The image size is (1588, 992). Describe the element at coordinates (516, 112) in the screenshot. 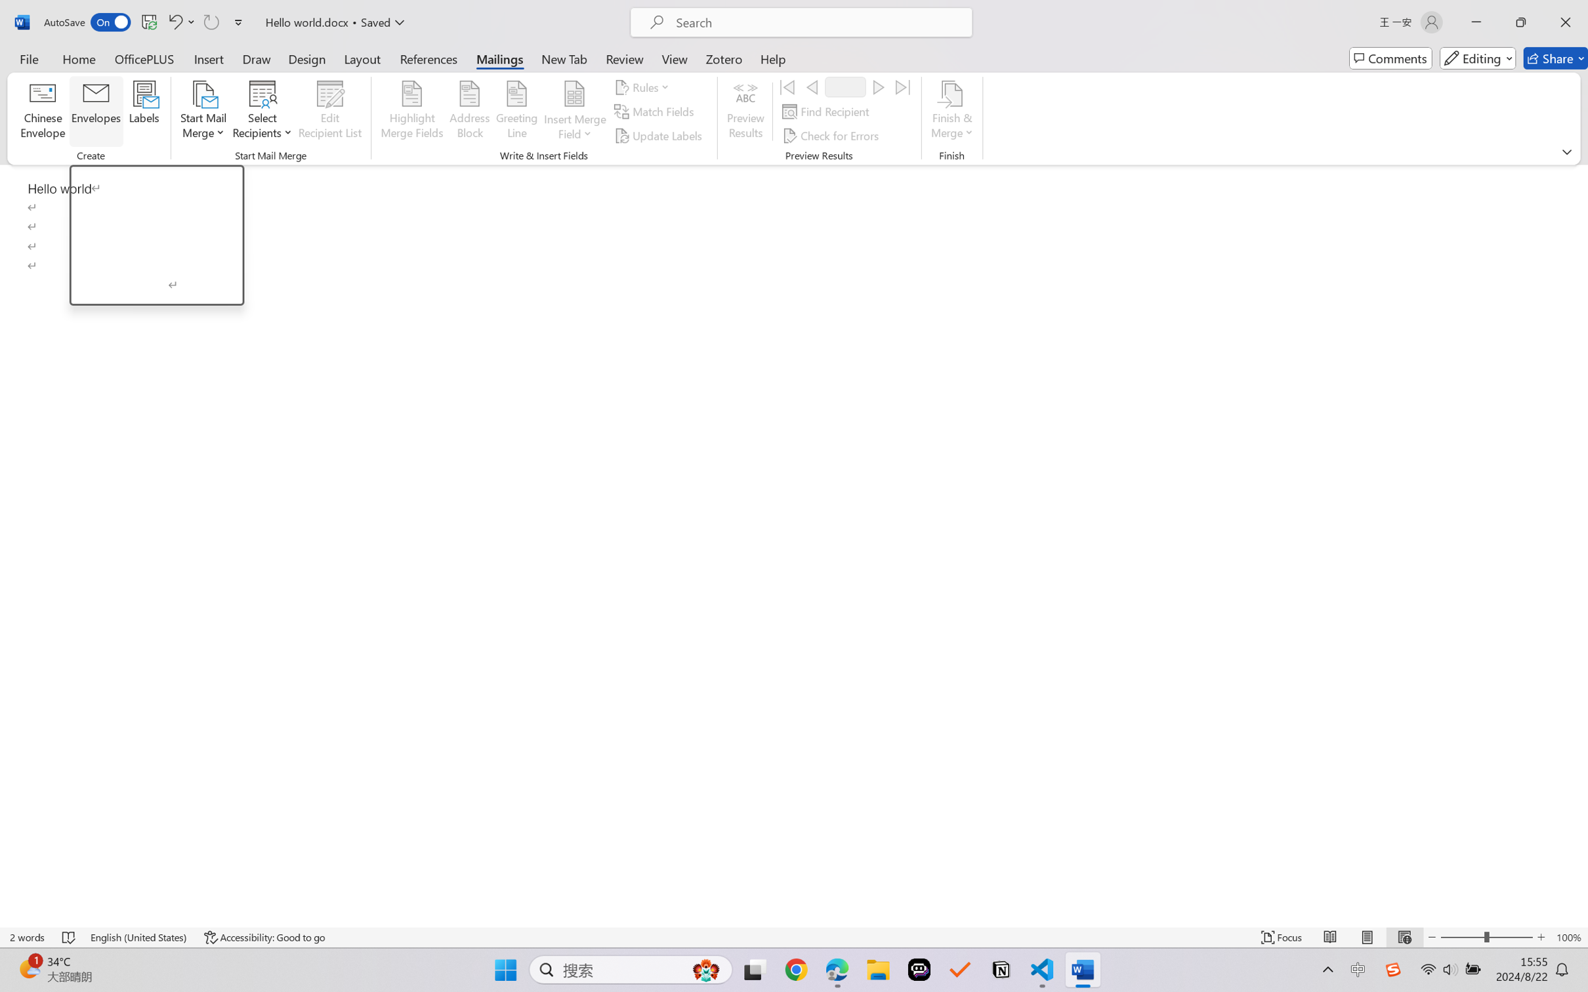

I see `'Greeting Line...'` at that location.